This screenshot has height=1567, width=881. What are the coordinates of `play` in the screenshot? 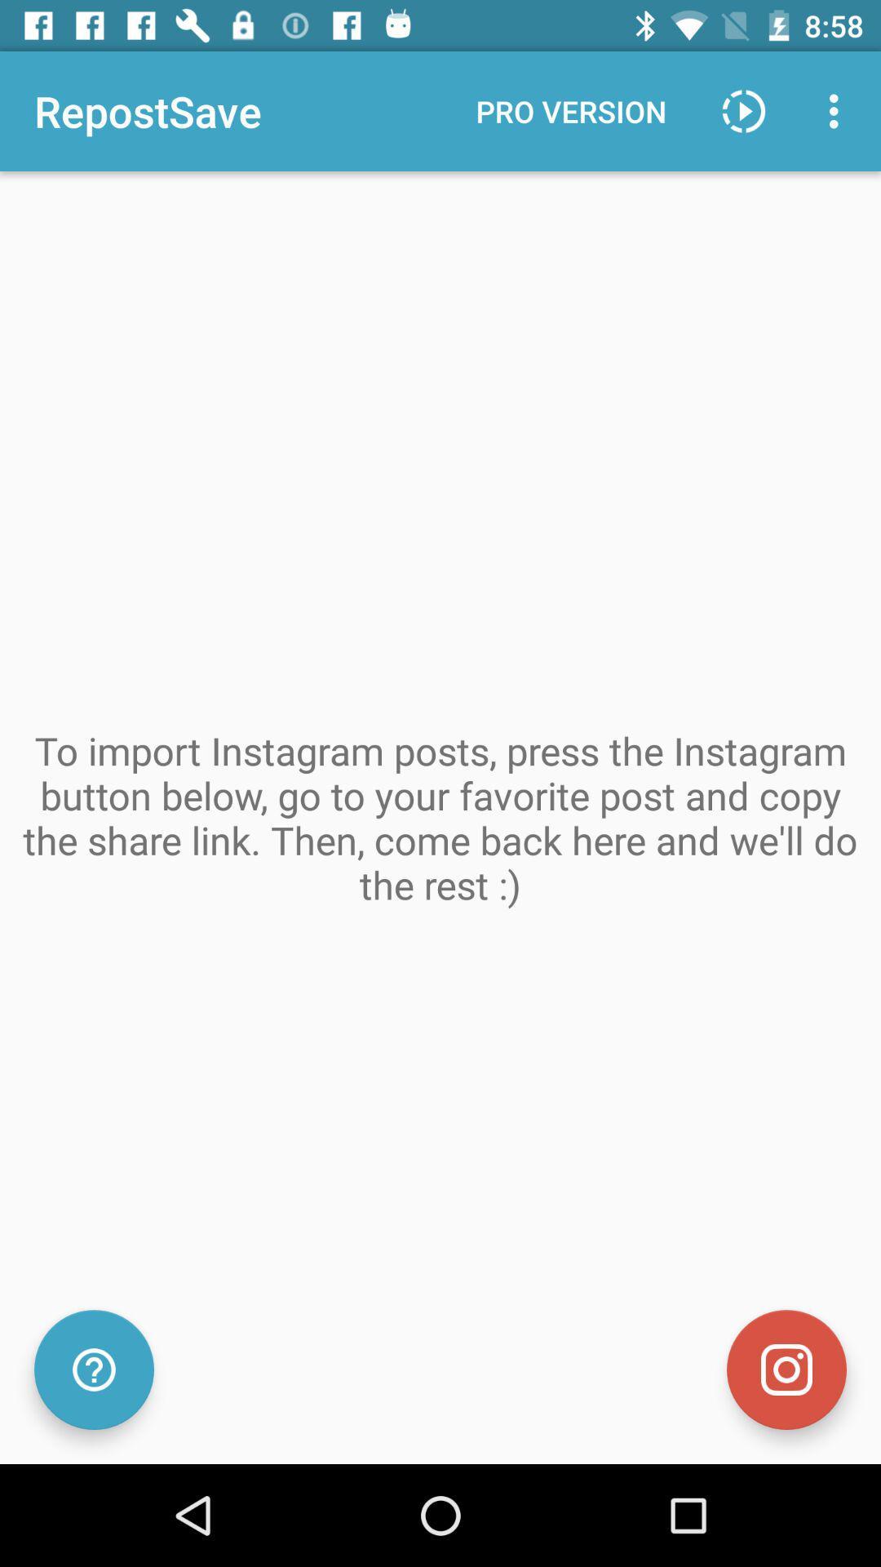 It's located at (743, 110).